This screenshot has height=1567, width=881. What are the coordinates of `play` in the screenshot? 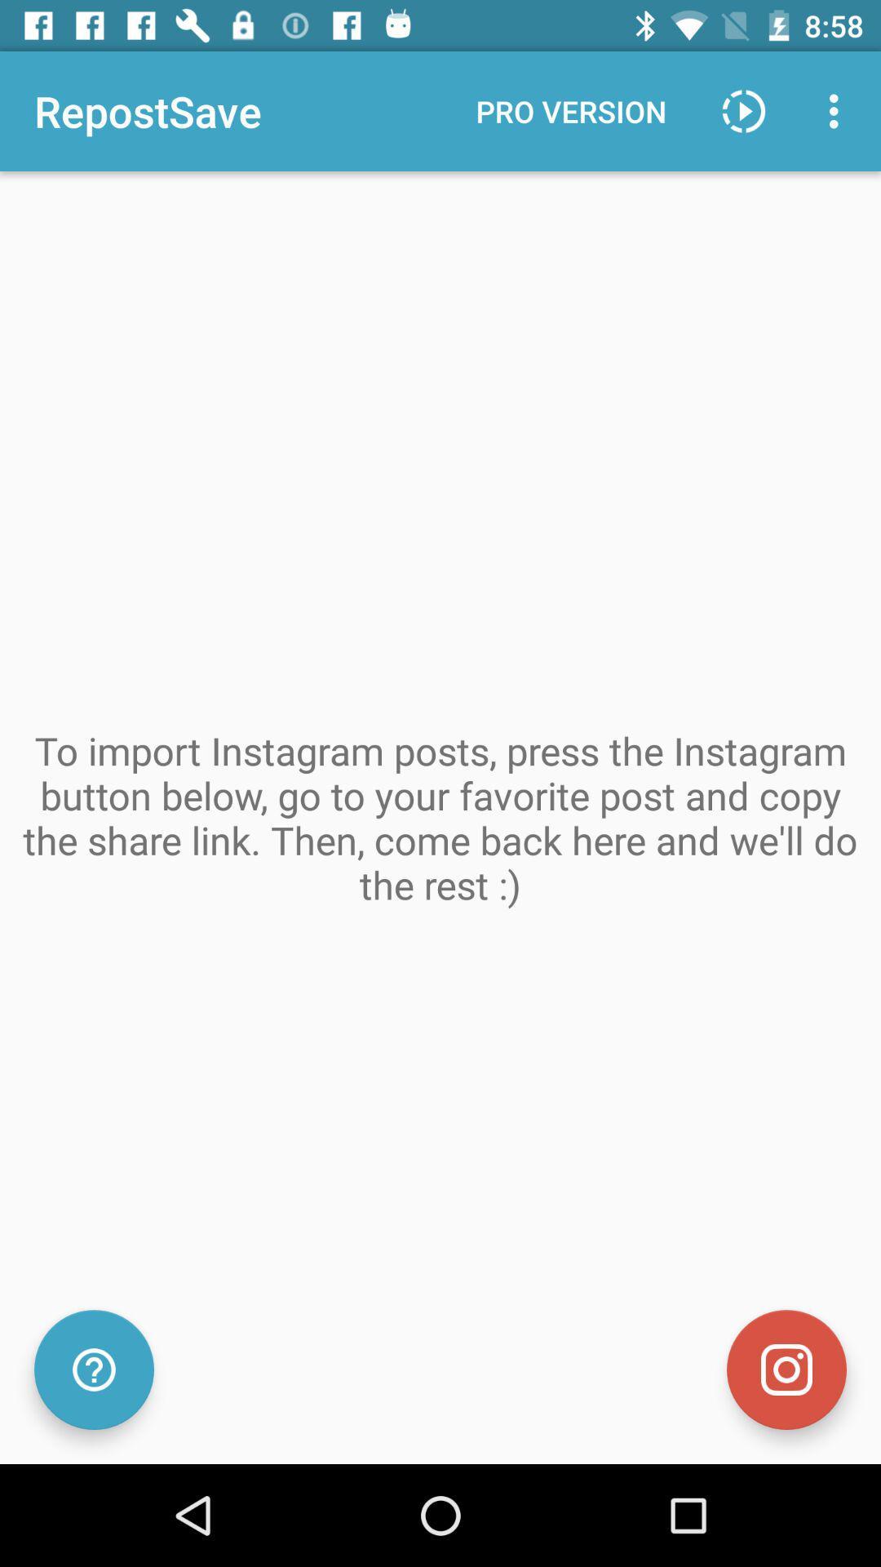 It's located at (743, 110).